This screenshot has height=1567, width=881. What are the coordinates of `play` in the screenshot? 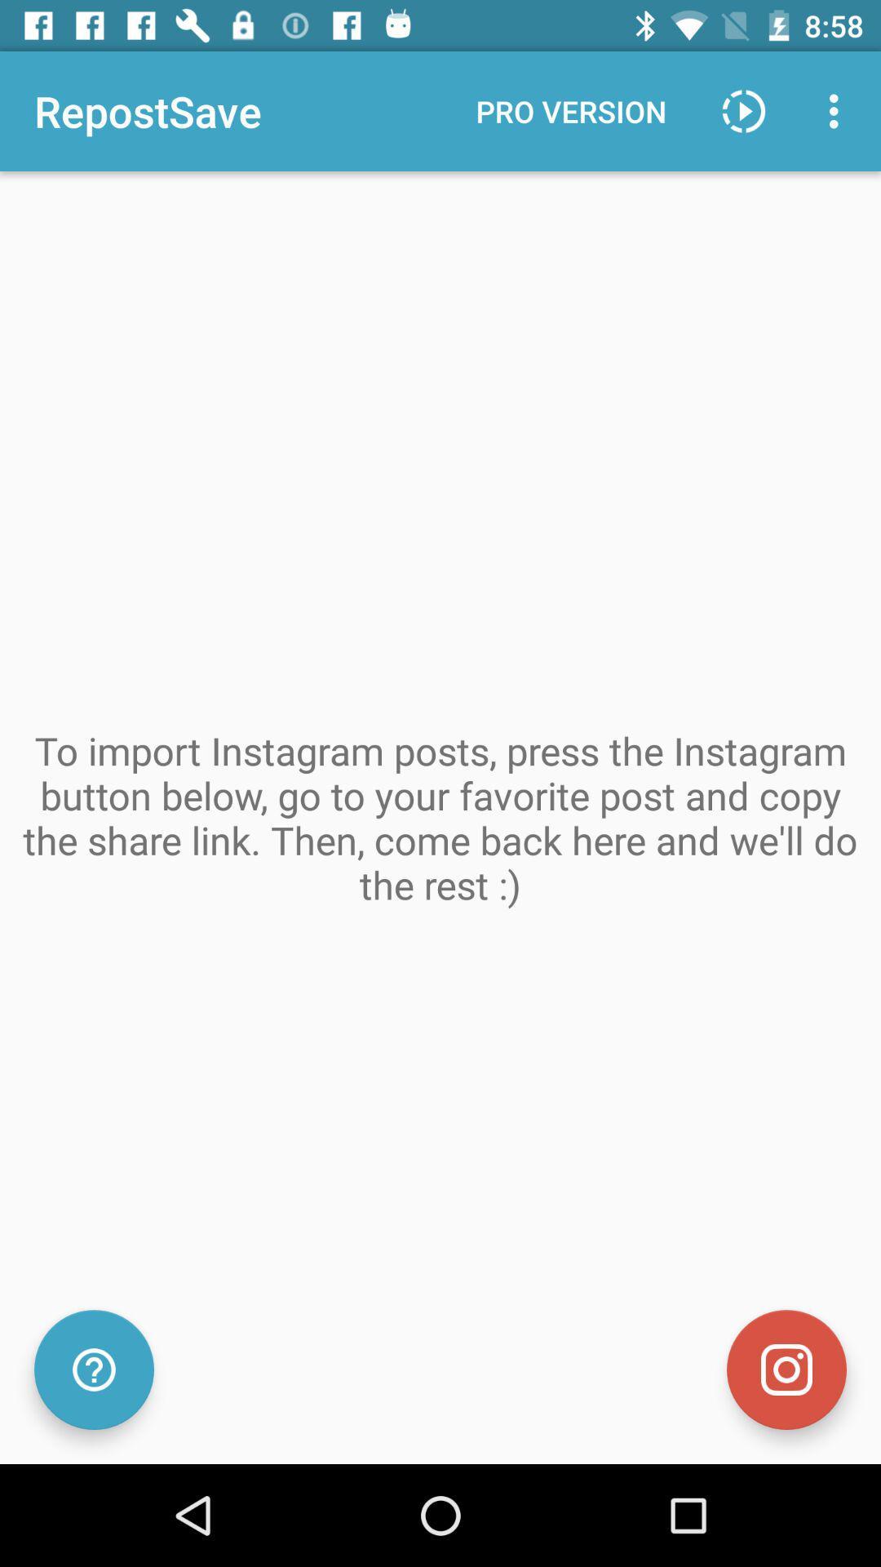 It's located at (743, 110).